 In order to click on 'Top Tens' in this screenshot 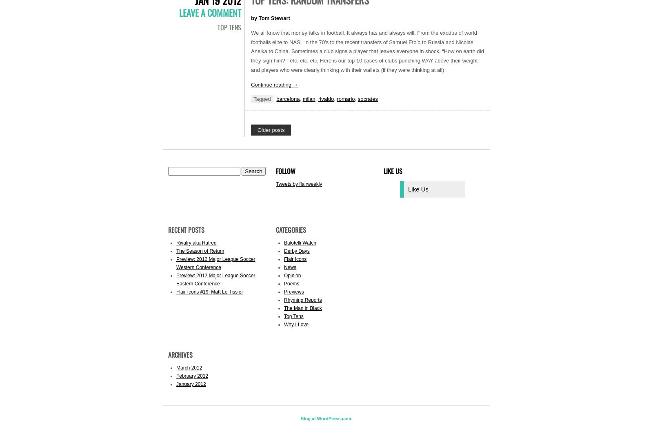, I will do `click(229, 27)`.